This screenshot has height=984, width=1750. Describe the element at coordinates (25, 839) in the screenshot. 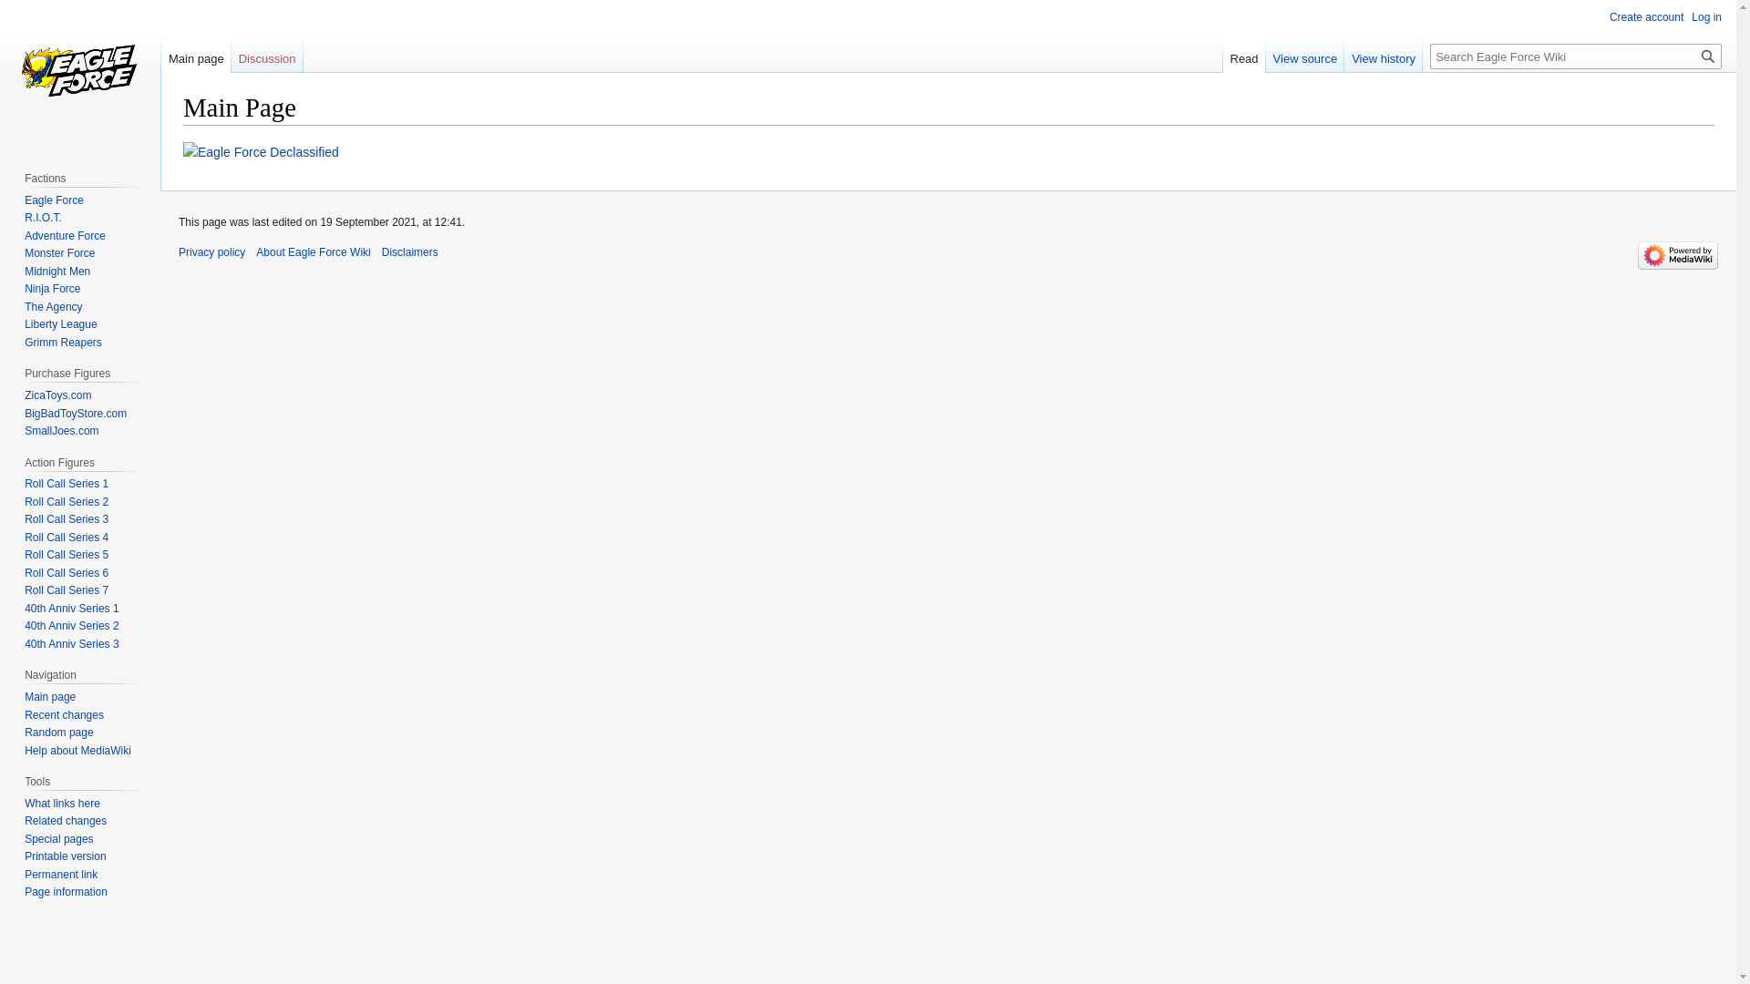

I see `'Special pages'` at that location.